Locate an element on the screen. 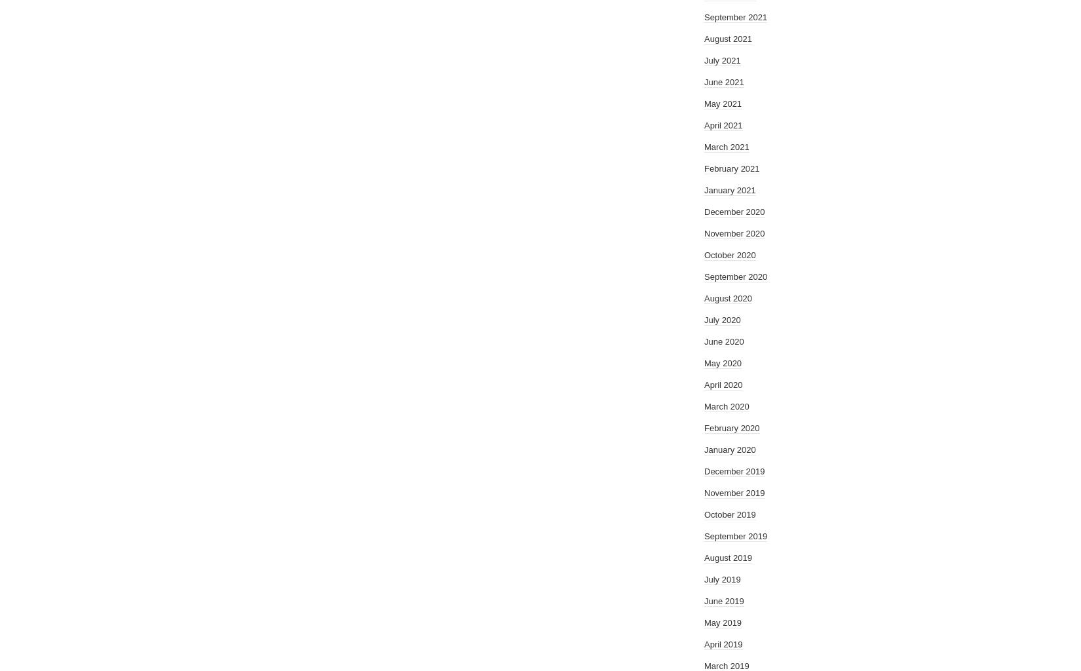 This screenshot has width=1081, height=671. 'April 2020' is located at coordinates (723, 384).